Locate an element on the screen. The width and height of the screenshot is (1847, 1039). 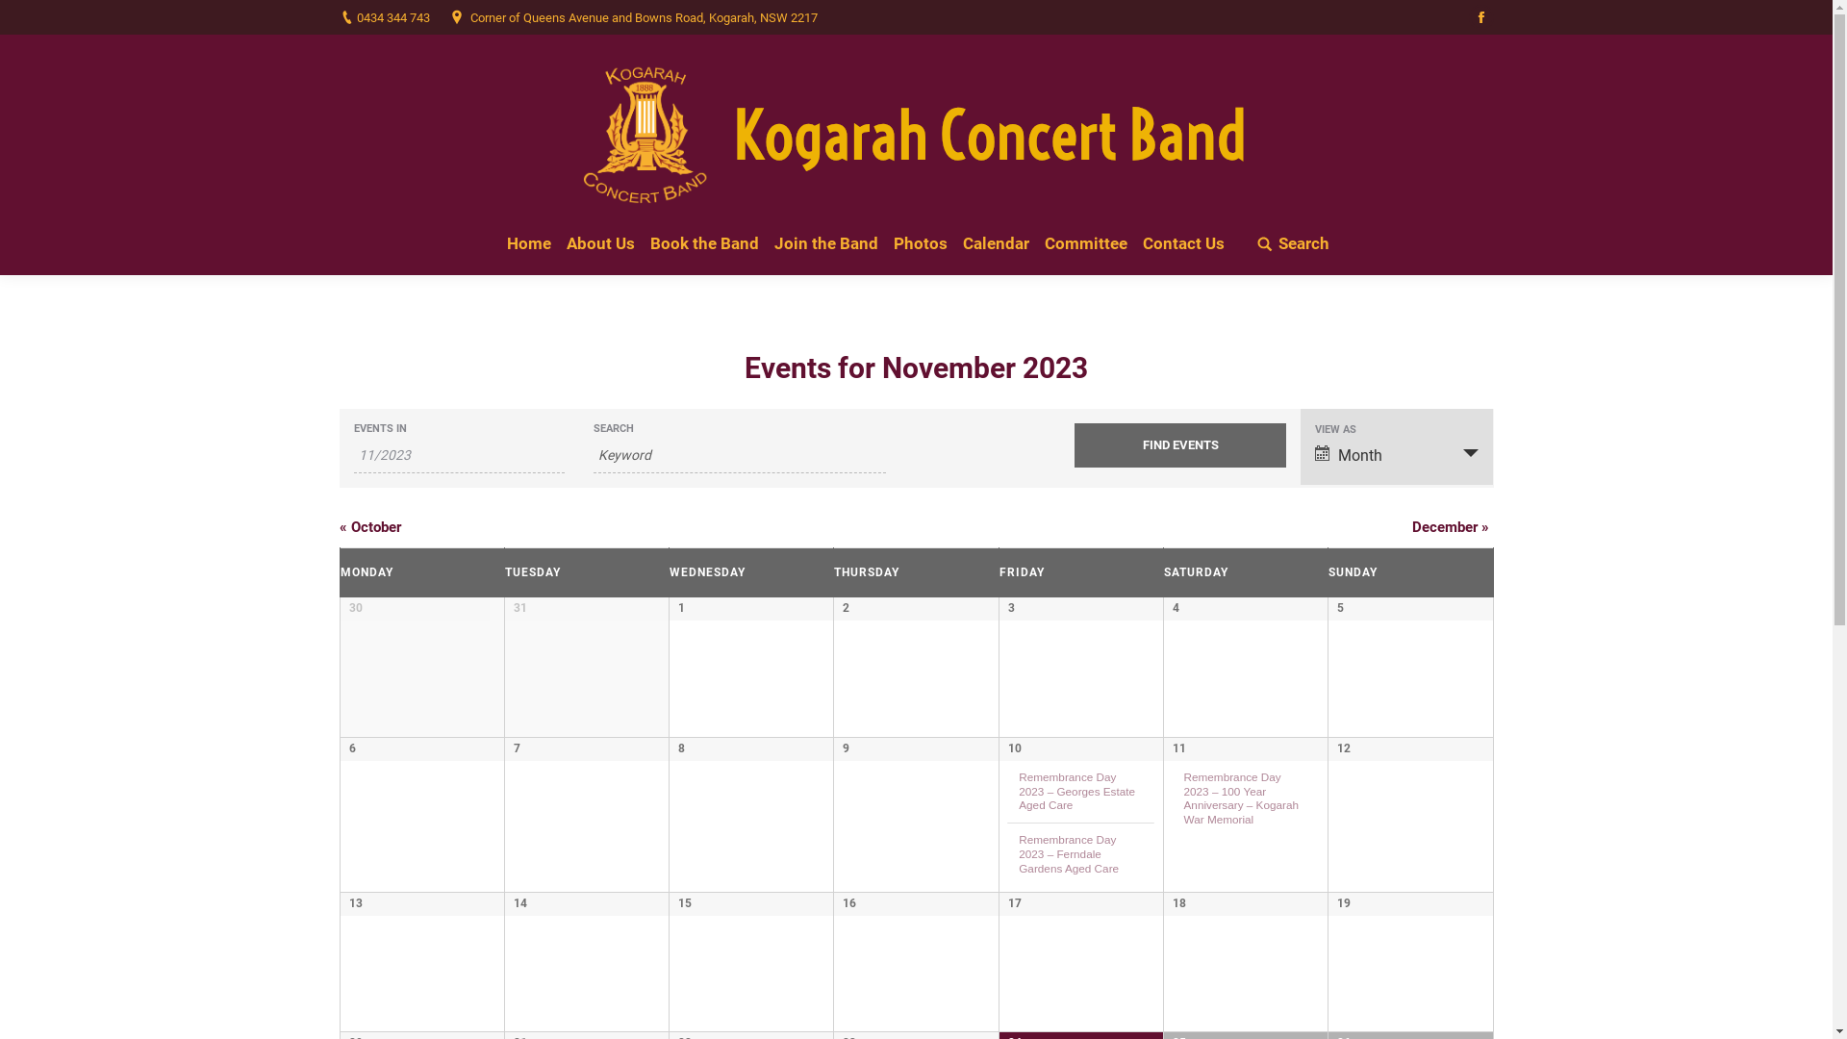
'Facebook' is located at coordinates (1467, 17).